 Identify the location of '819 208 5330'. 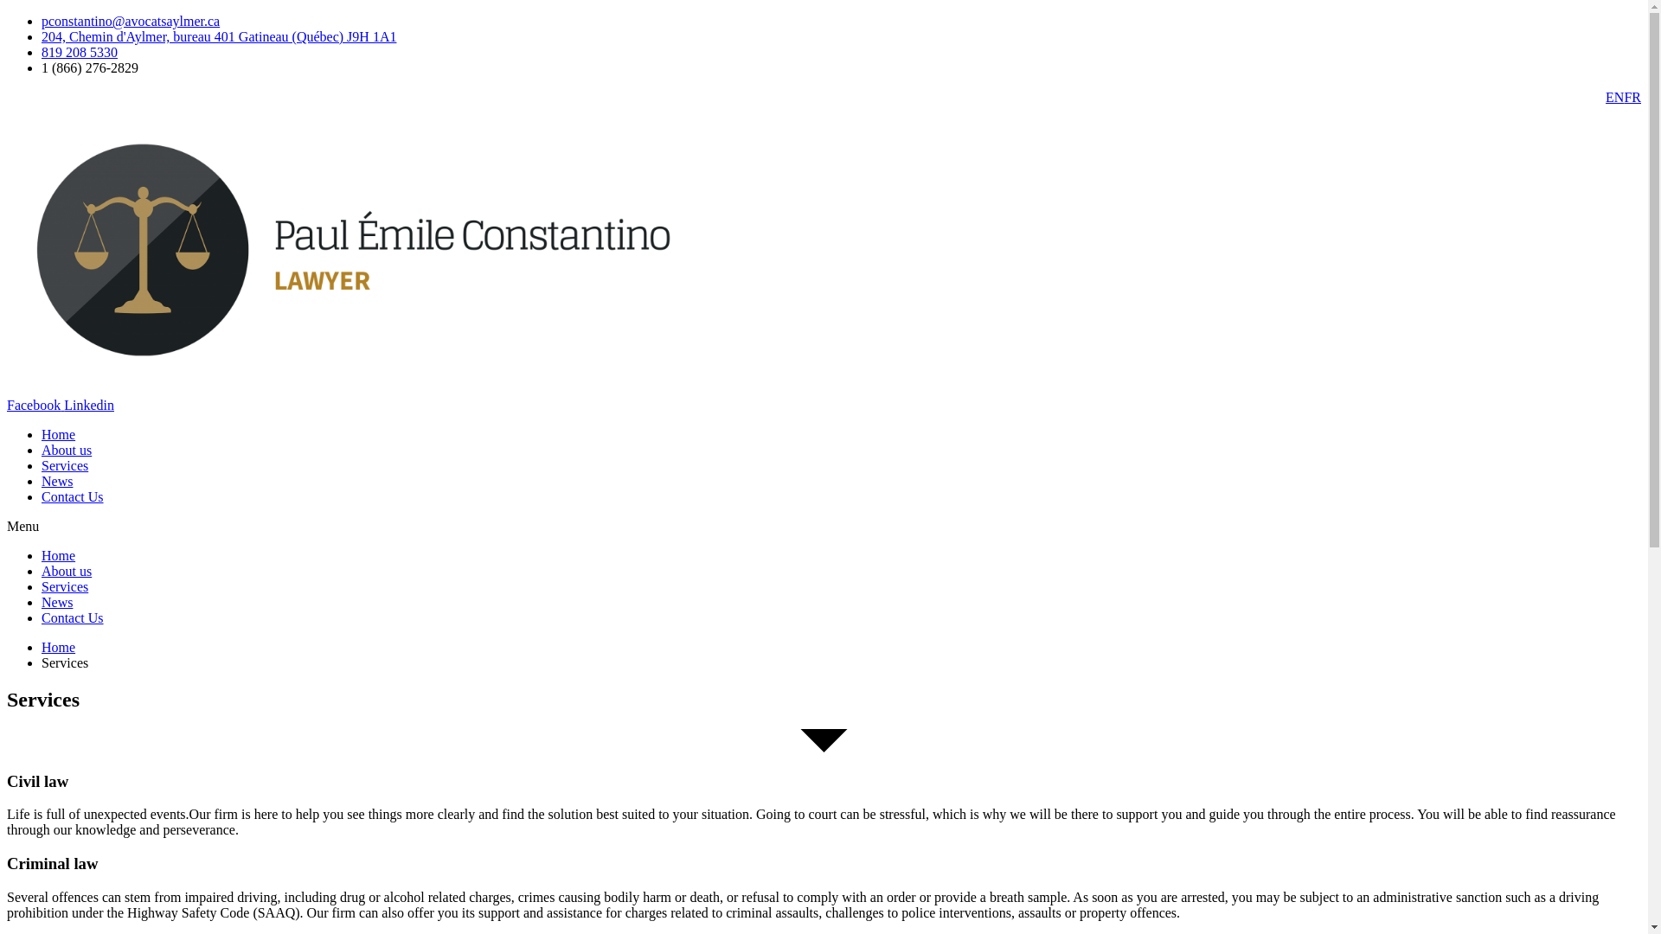
(78, 51).